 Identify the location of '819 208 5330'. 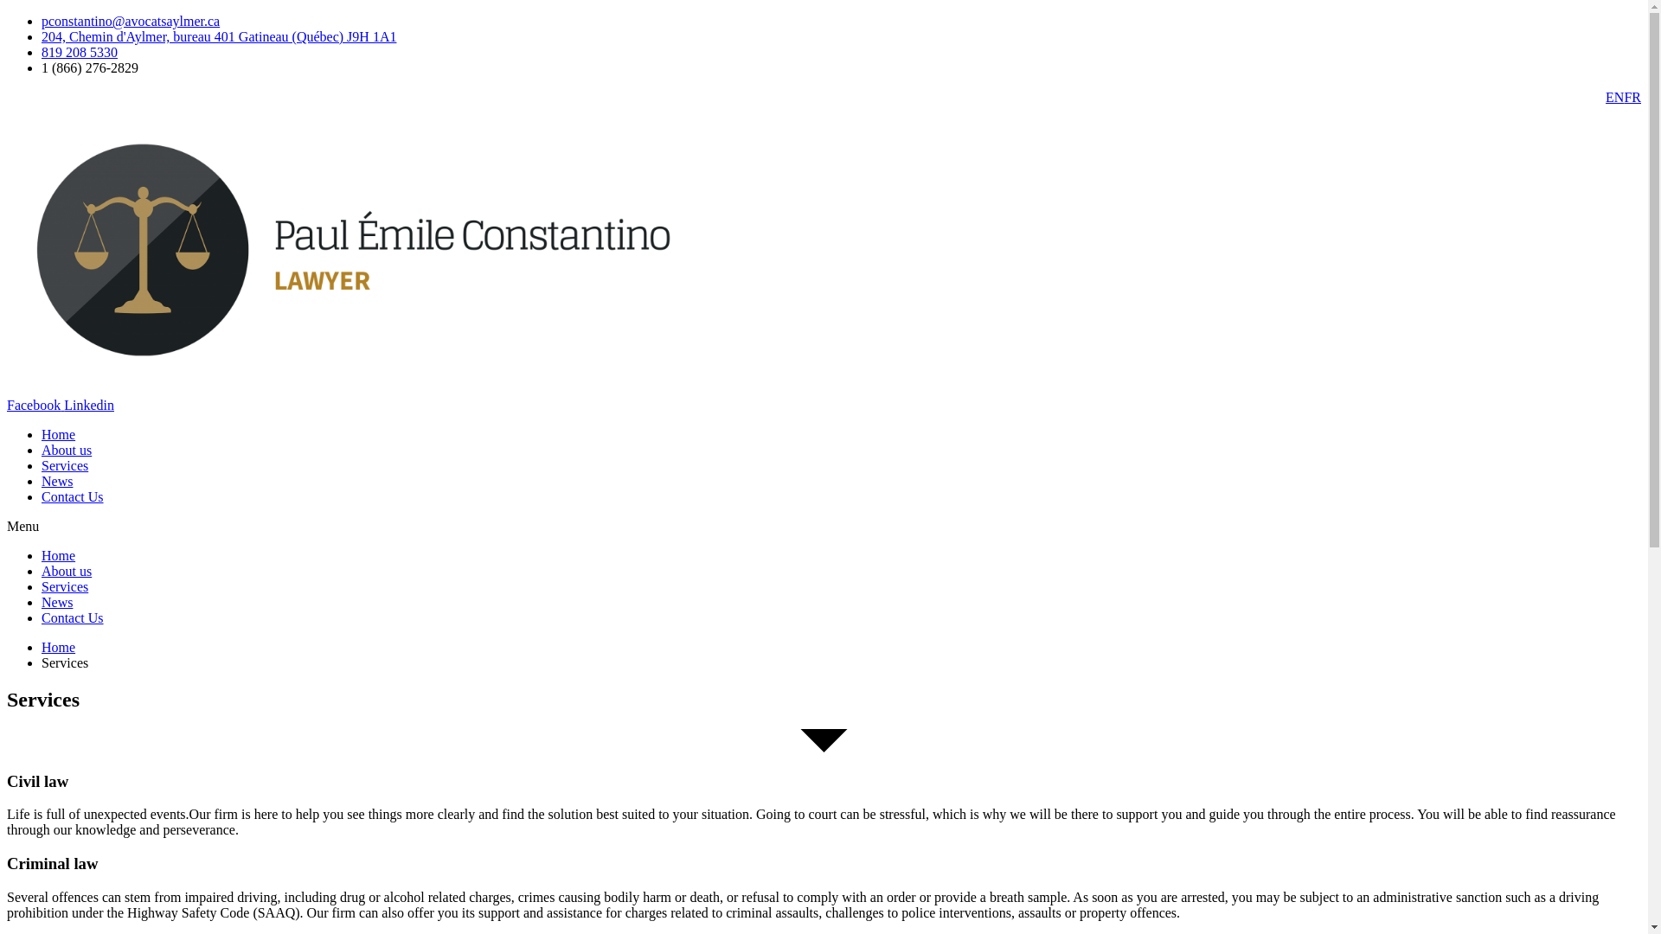
(78, 51).